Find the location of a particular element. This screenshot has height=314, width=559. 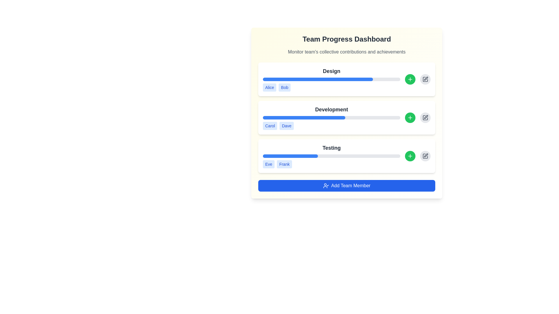

the pen icon inside the circular button at the rightmost end of the 'Testing' section in the Team Progress Dashboard to initiate editing is located at coordinates (425, 156).